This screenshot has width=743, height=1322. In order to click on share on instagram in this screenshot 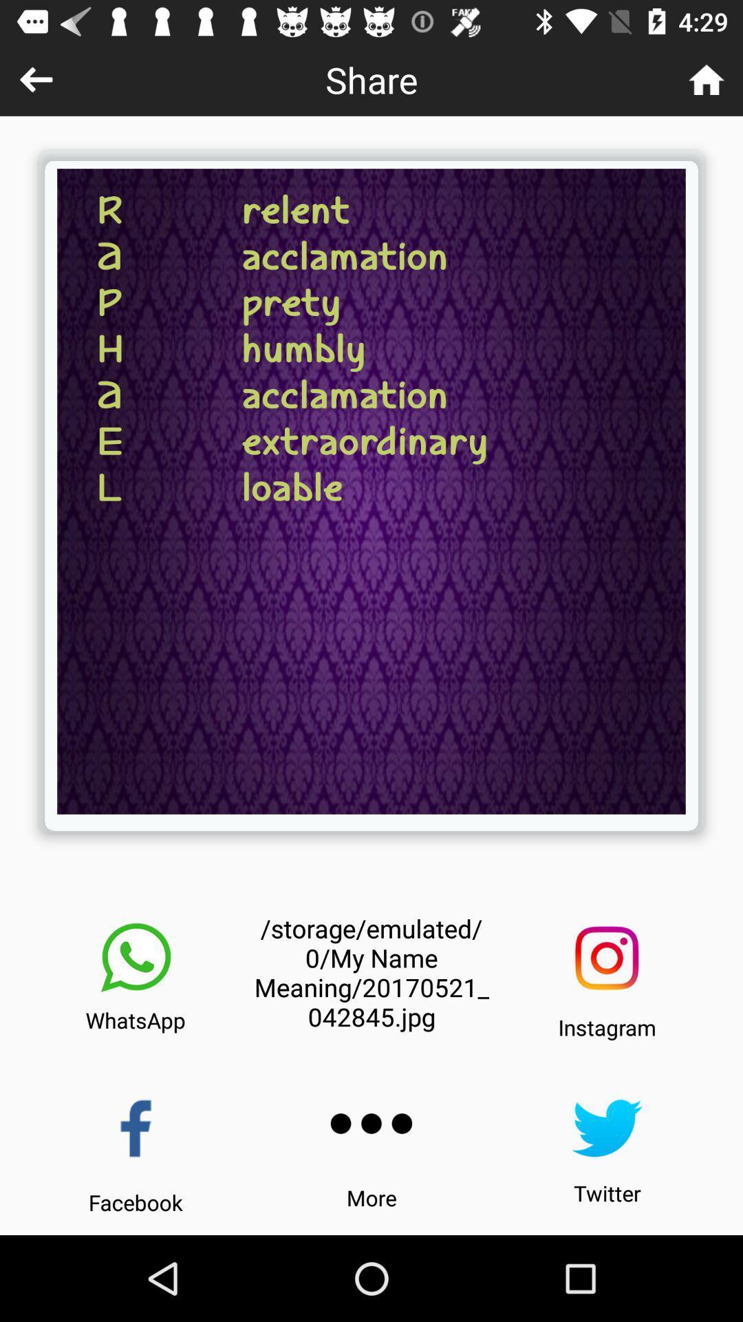, I will do `click(606, 957)`.